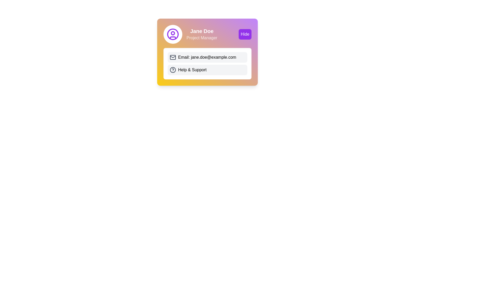 The width and height of the screenshot is (503, 283). What do you see at coordinates (207, 69) in the screenshot?
I see `the 'Help & Support' button located in the card UI component, which is the second option in a vertical stack` at bounding box center [207, 69].